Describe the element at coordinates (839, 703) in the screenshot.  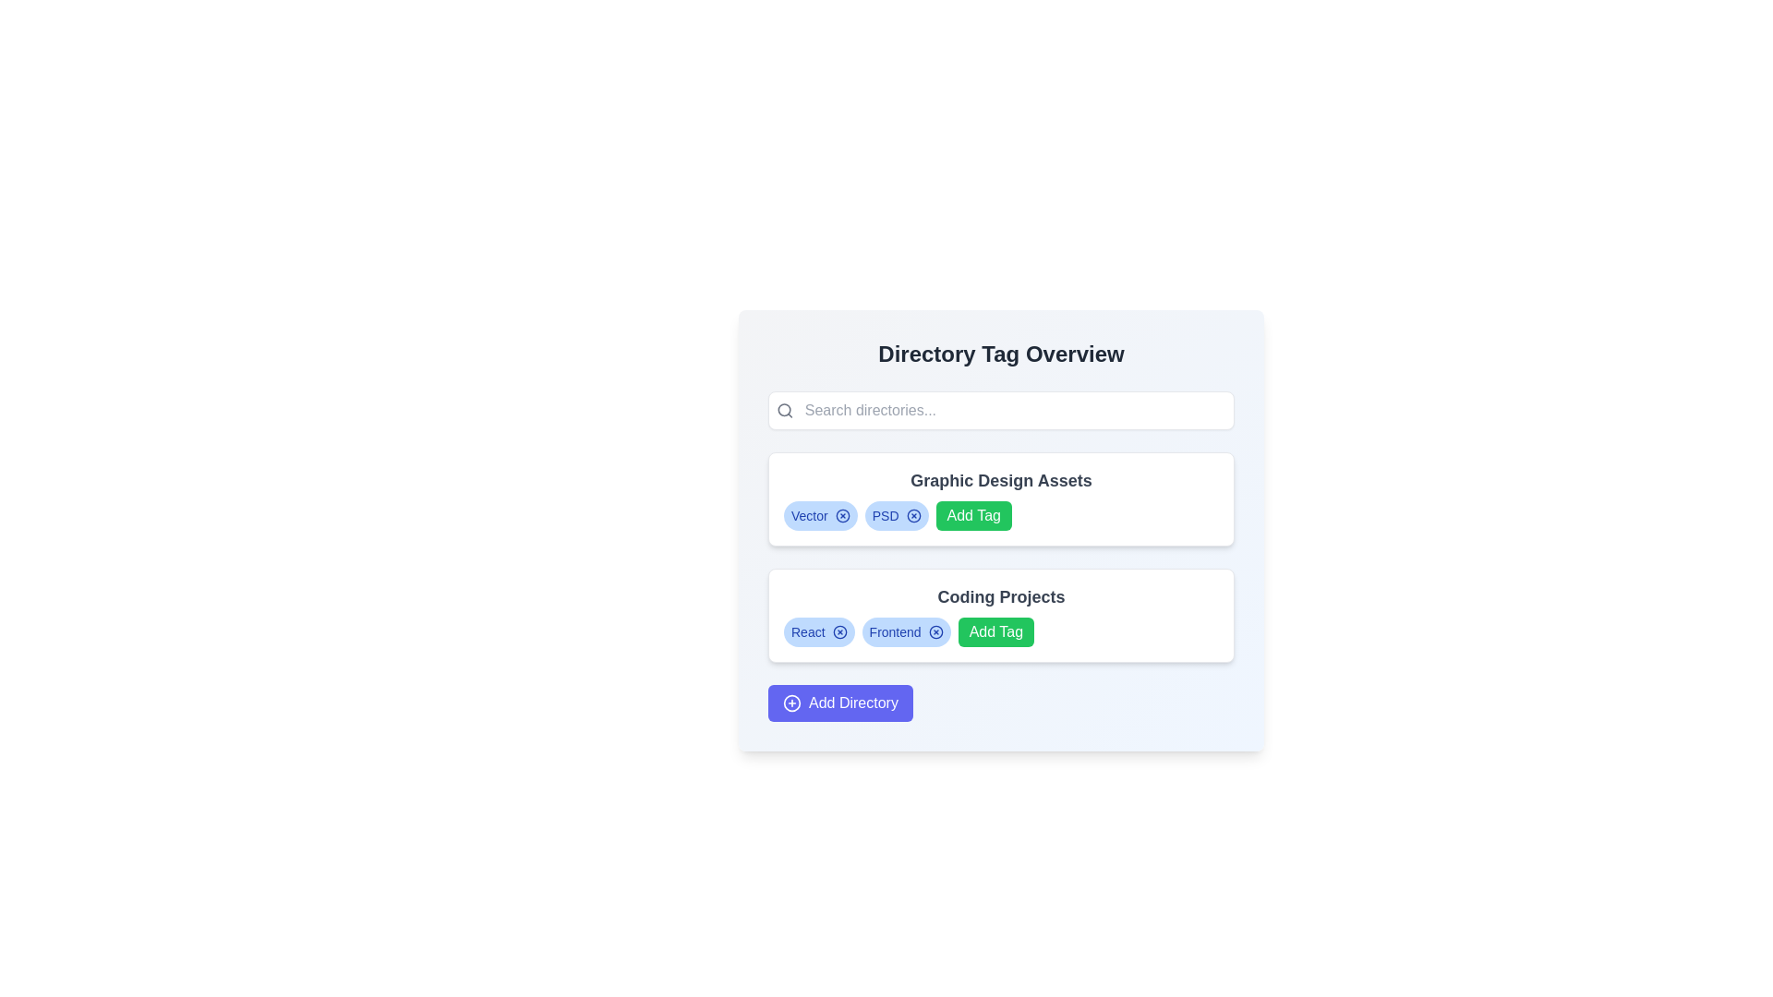
I see `the rectangular button with a purple background and white text 'Add Directory'` at that location.